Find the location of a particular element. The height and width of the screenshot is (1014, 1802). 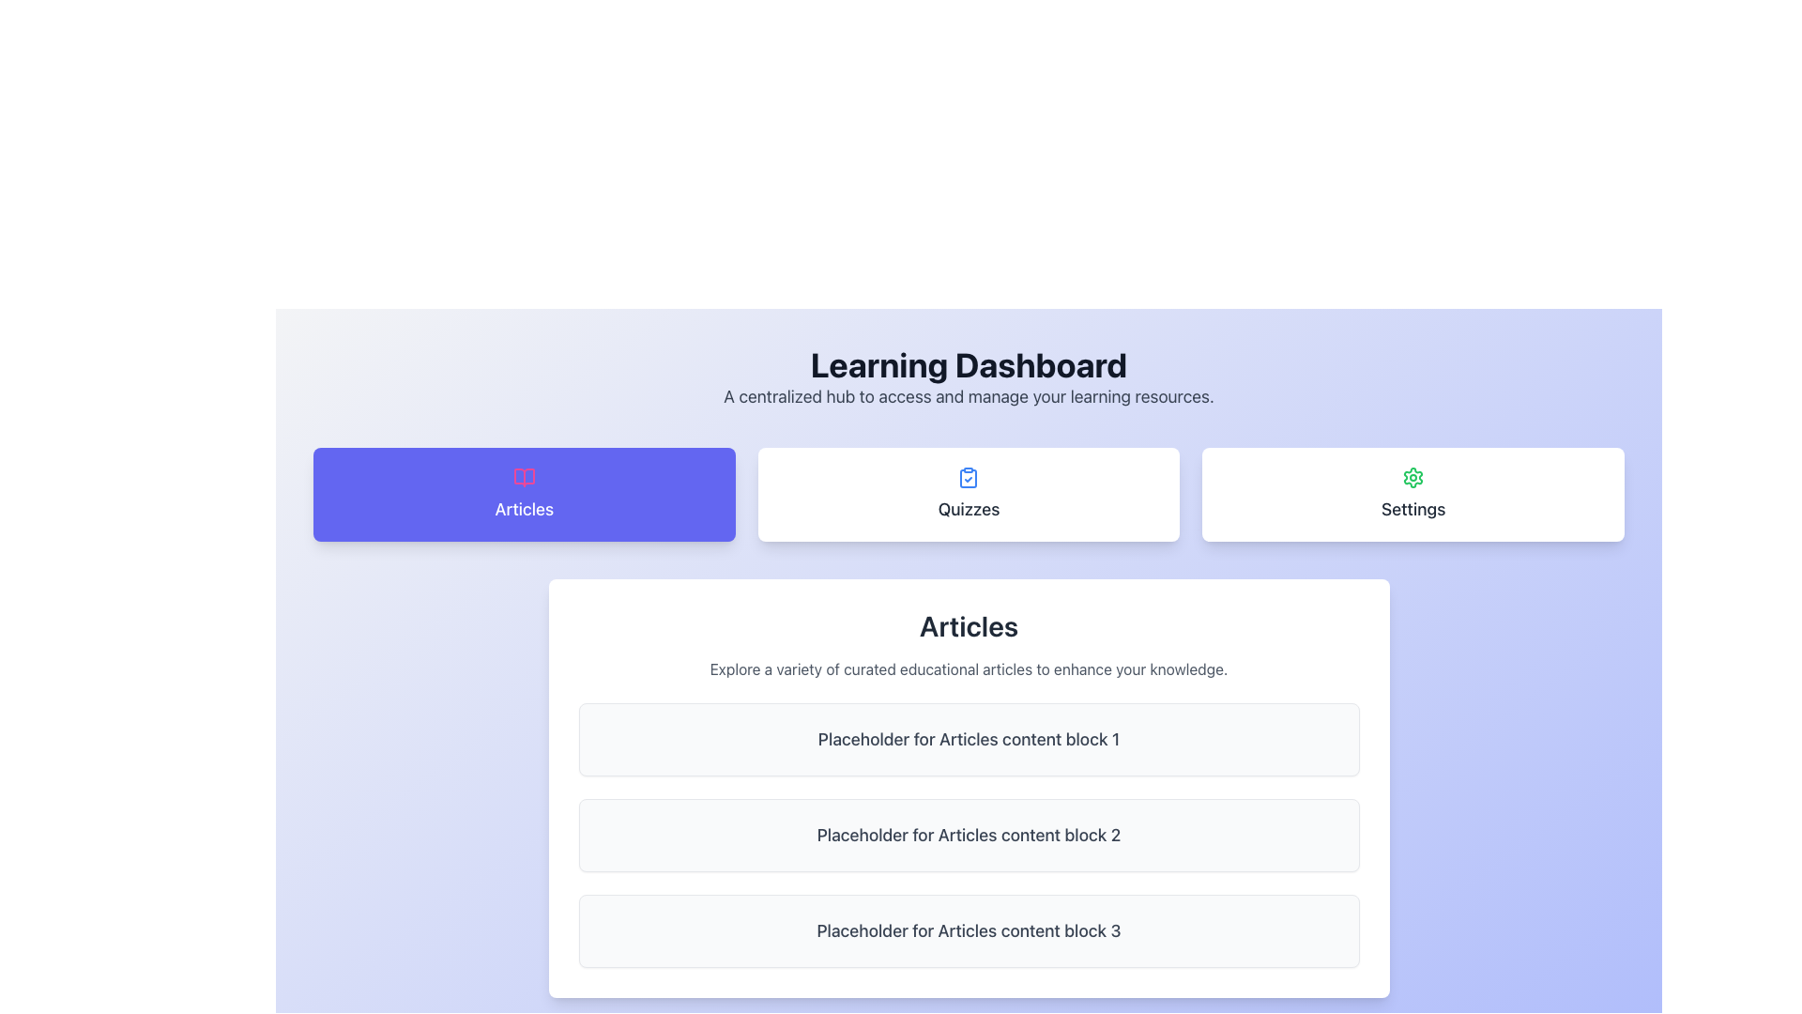

the 'Articles' section which contains a title, subtitle, and three content blocks labeled 'Placeholder for Articles content block 1', 'Placeholder for Articles content block 2', and 'Placeholder for Articles content block 3'. This section is centrally aligned in the main content area of the 'Learning Dashboard' page is located at coordinates (969, 789).